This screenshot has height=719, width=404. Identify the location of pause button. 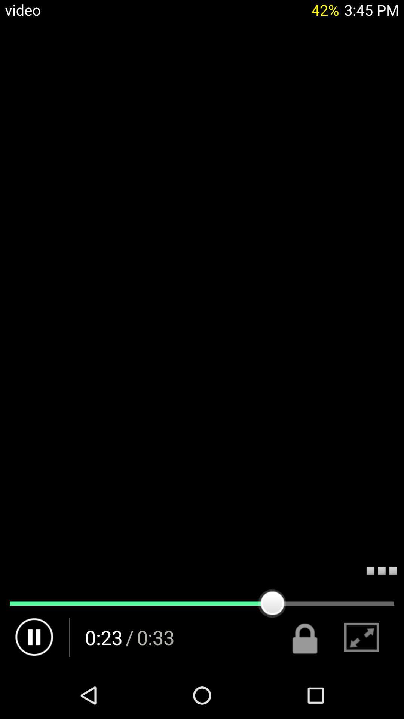
(34, 637).